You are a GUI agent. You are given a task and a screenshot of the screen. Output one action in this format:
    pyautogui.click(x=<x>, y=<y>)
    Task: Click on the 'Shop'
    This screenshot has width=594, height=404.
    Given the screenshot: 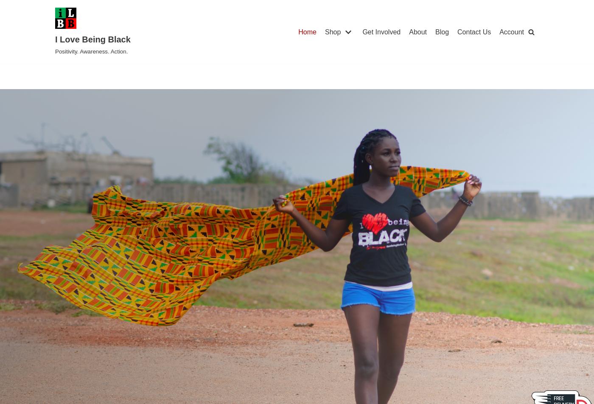 What is the action you would take?
    pyautogui.click(x=333, y=31)
    